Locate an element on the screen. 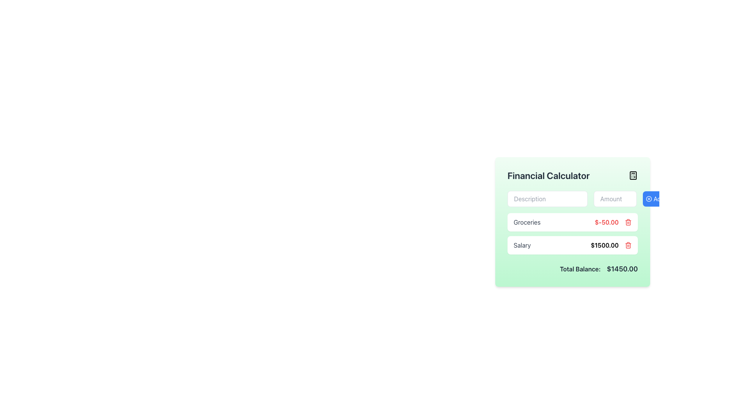 The height and width of the screenshot is (414, 736). the non-interactive text label displaying the negative financial value associated with 'Groceries' in the second row under the 'Amount' field is located at coordinates (606, 222).